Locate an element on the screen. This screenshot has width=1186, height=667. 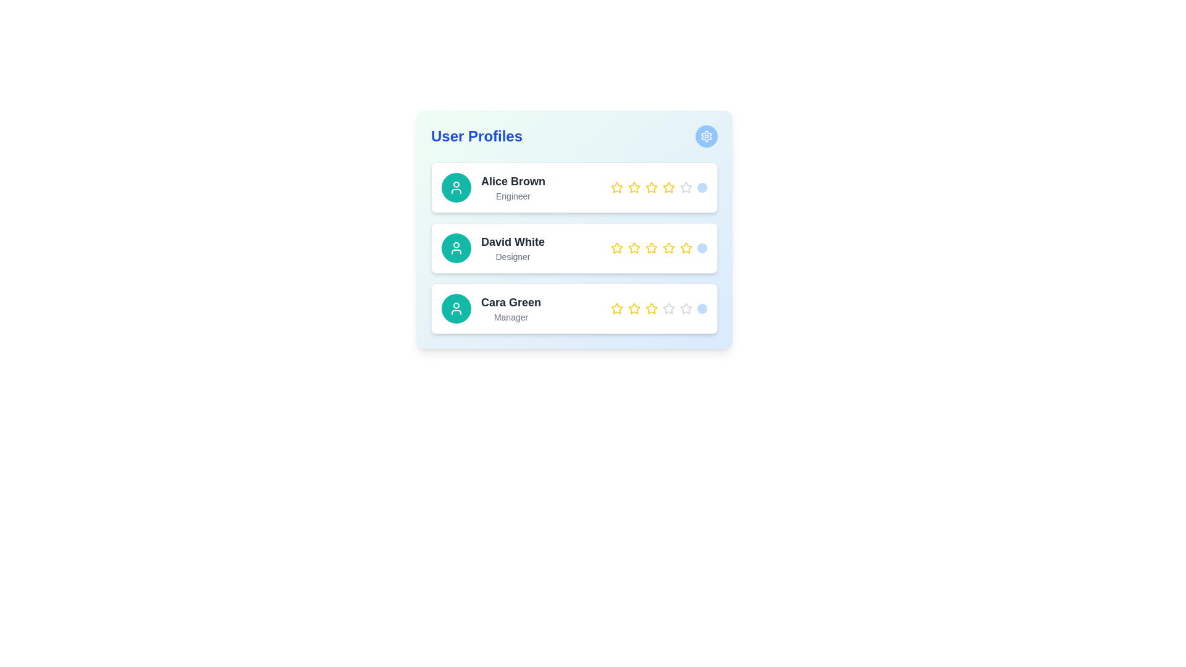
the second star icon in the user rating system on David White's profile card is located at coordinates (616, 248).